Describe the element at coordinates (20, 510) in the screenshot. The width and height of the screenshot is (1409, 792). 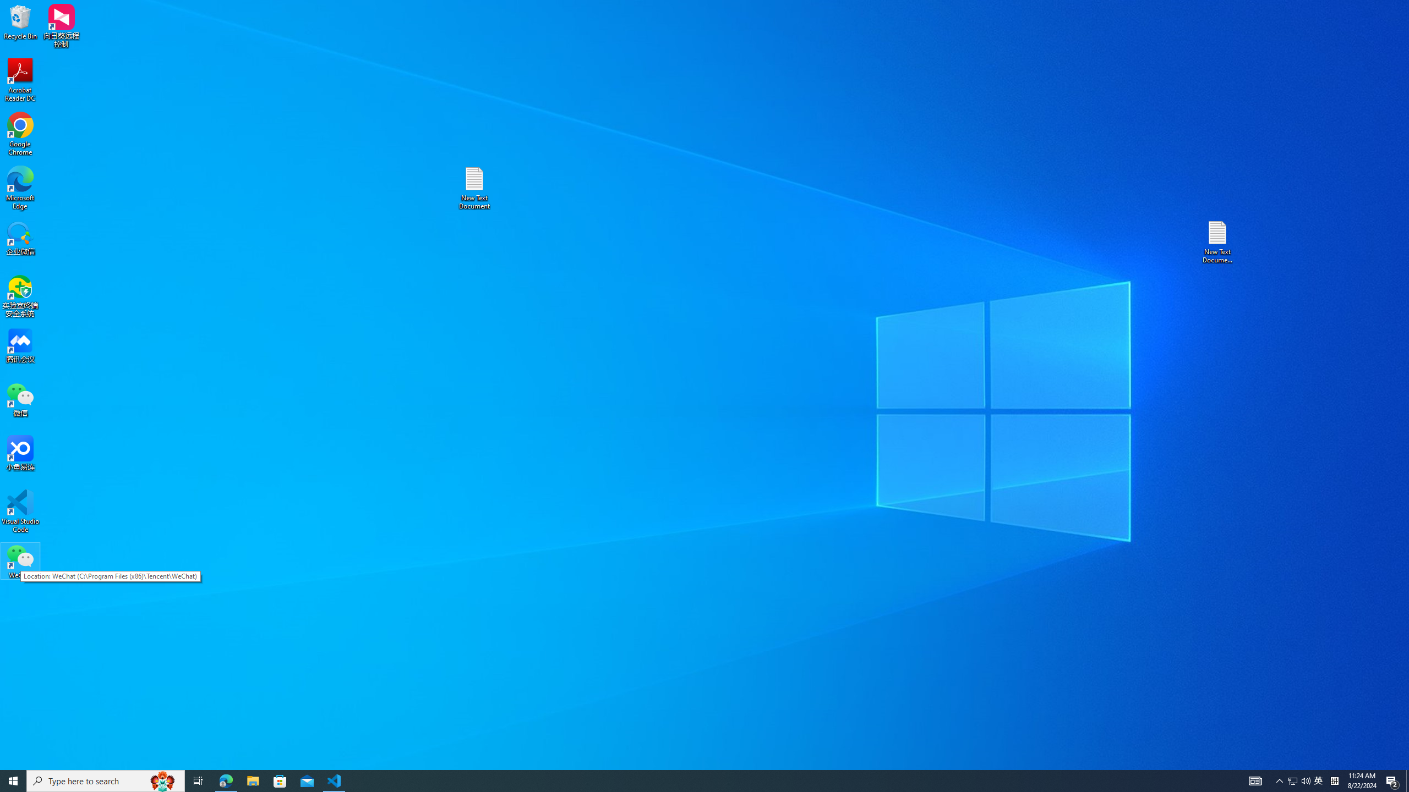
I see `'Visual Studio Code'` at that location.